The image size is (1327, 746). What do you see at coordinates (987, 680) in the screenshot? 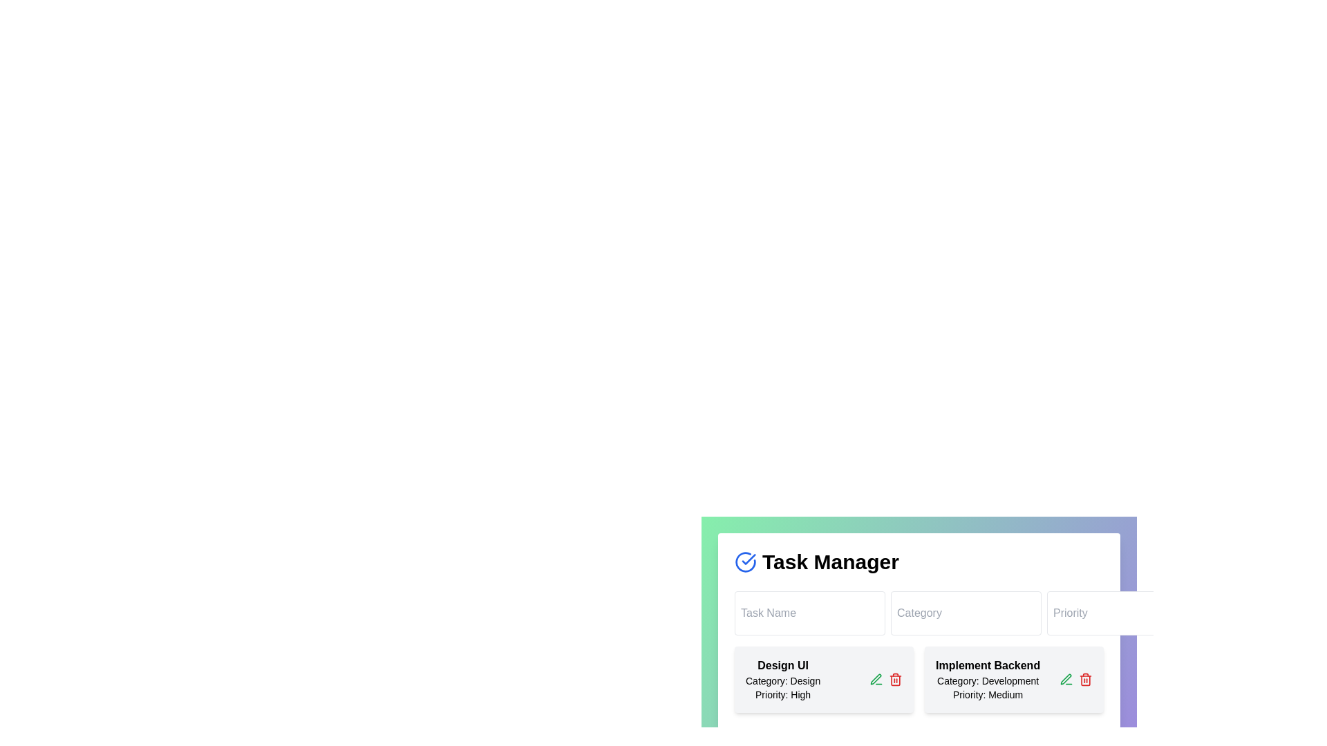
I see `text from the label displaying 'Category: Development', which is positioned below the task title 'Implement Backend' in the second task card` at bounding box center [987, 680].